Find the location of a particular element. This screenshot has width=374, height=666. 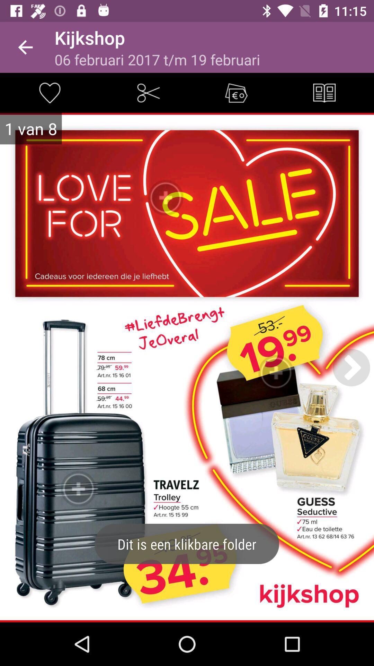

coupon/sale icon is located at coordinates (236, 92).